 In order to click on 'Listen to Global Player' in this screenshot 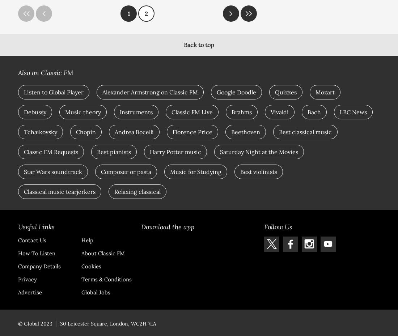, I will do `click(53, 92)`.